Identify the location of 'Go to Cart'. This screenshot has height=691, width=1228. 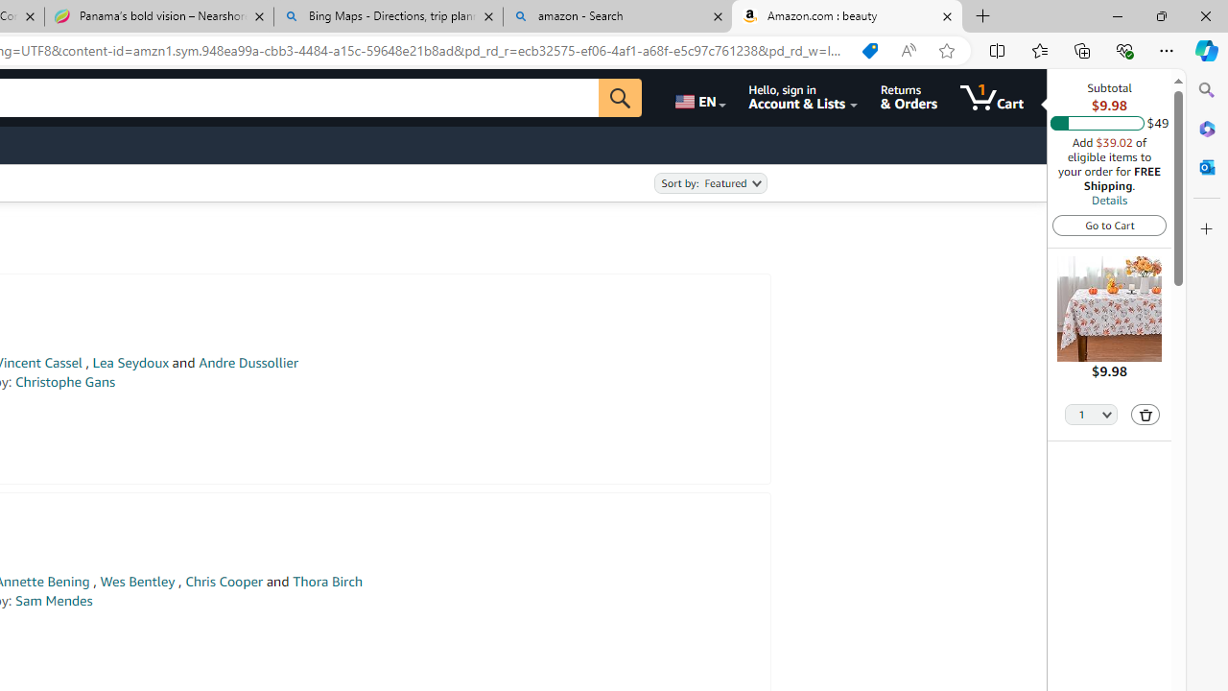
(1109, 224).